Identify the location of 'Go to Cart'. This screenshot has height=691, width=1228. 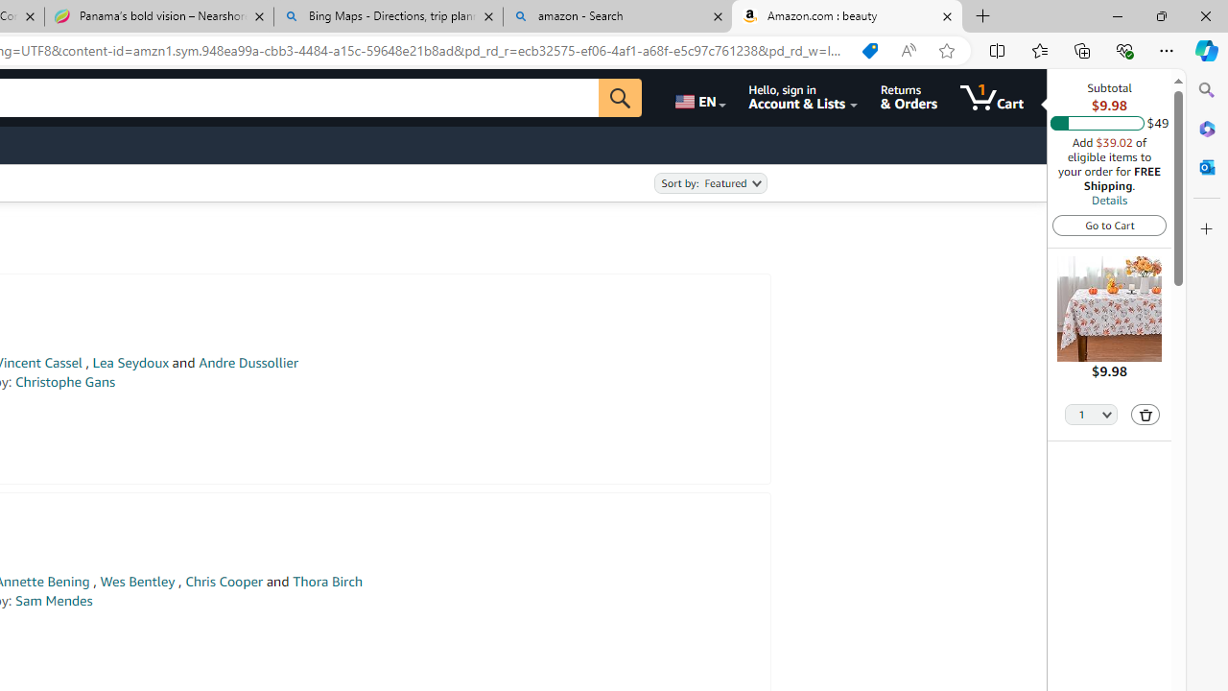
(1109, 224).